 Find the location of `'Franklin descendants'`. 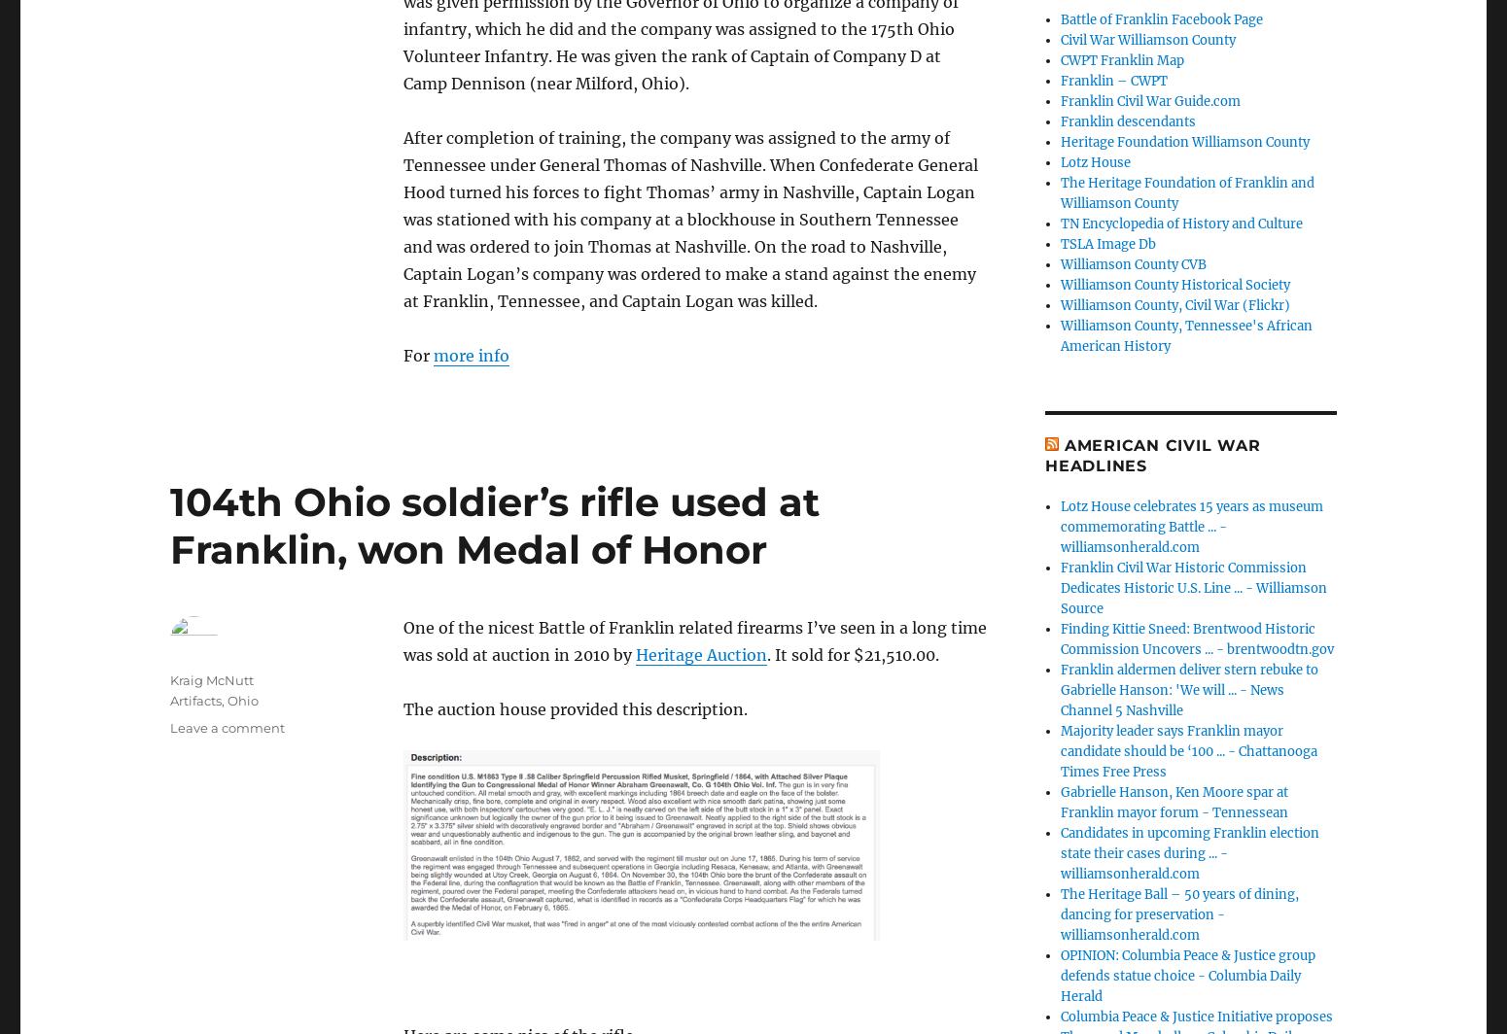

'Franklin descendants' is located at coordinates (1127, 121).